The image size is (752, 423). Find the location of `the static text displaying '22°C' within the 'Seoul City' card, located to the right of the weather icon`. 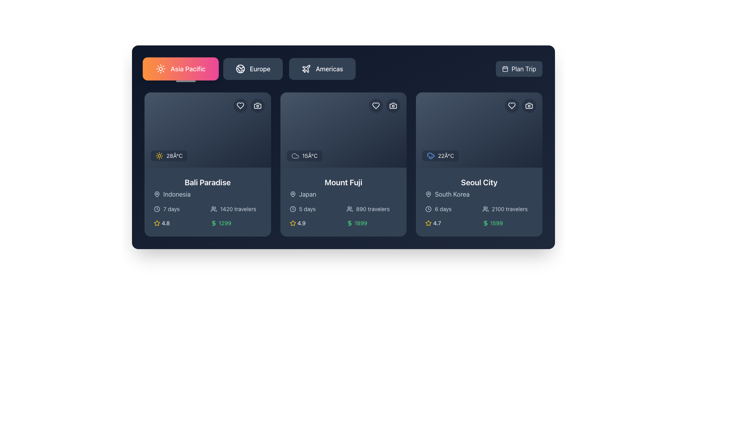

the static text displaying '22°C' within the 'Seoul City' card, located to the right of the weather icon is located at coordinates (446, 155).